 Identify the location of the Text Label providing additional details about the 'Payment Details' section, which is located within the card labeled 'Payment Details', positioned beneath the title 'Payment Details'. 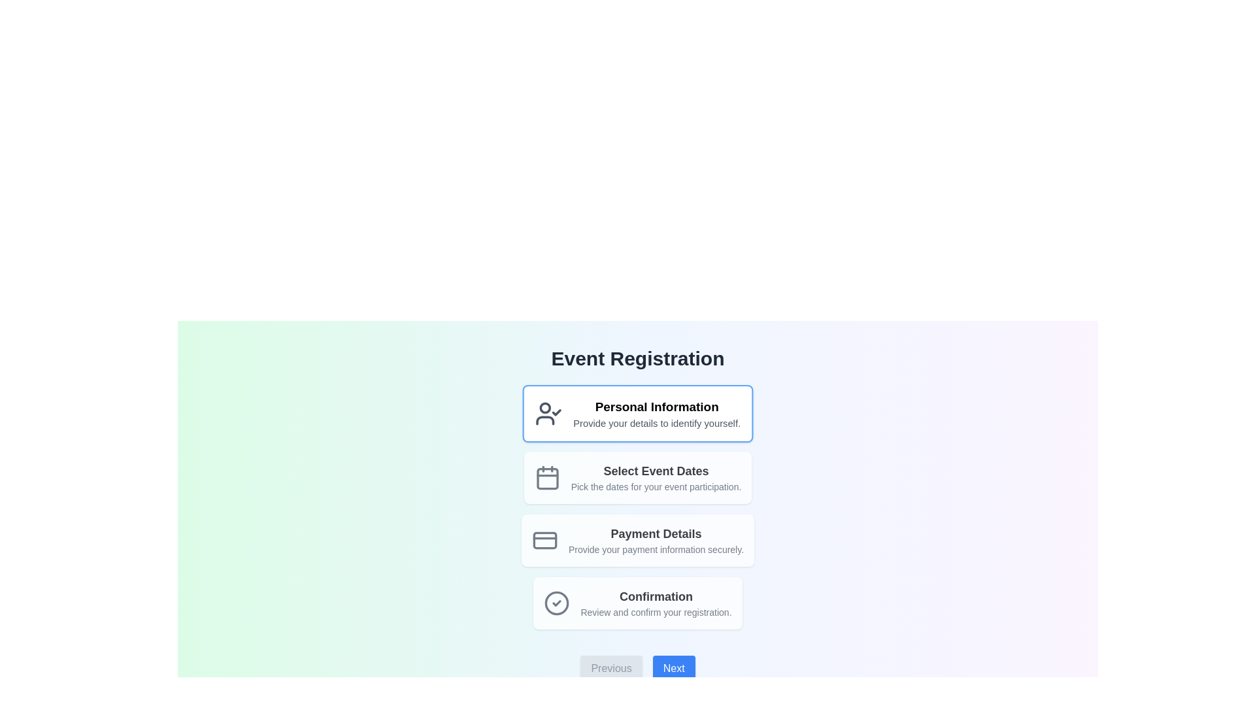
(656, 549).